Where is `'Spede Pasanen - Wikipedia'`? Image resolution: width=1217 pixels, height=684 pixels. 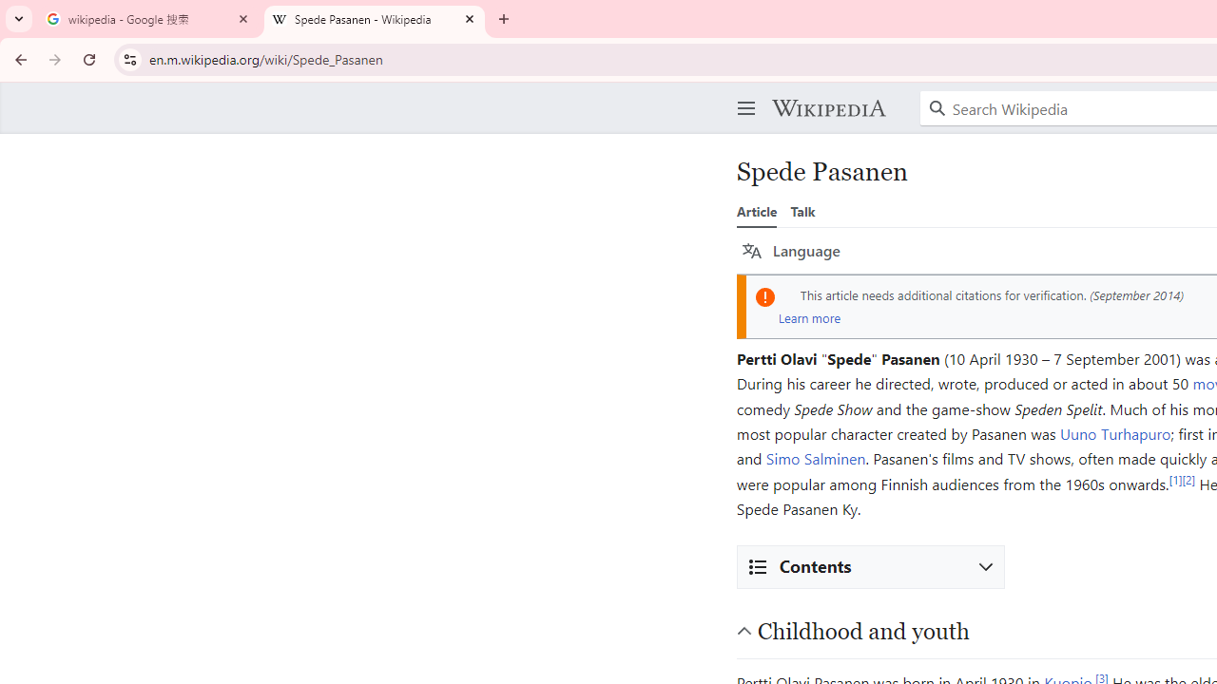 'Spede Pasanen - Wikipedia' is located at coordinates (375, 19).